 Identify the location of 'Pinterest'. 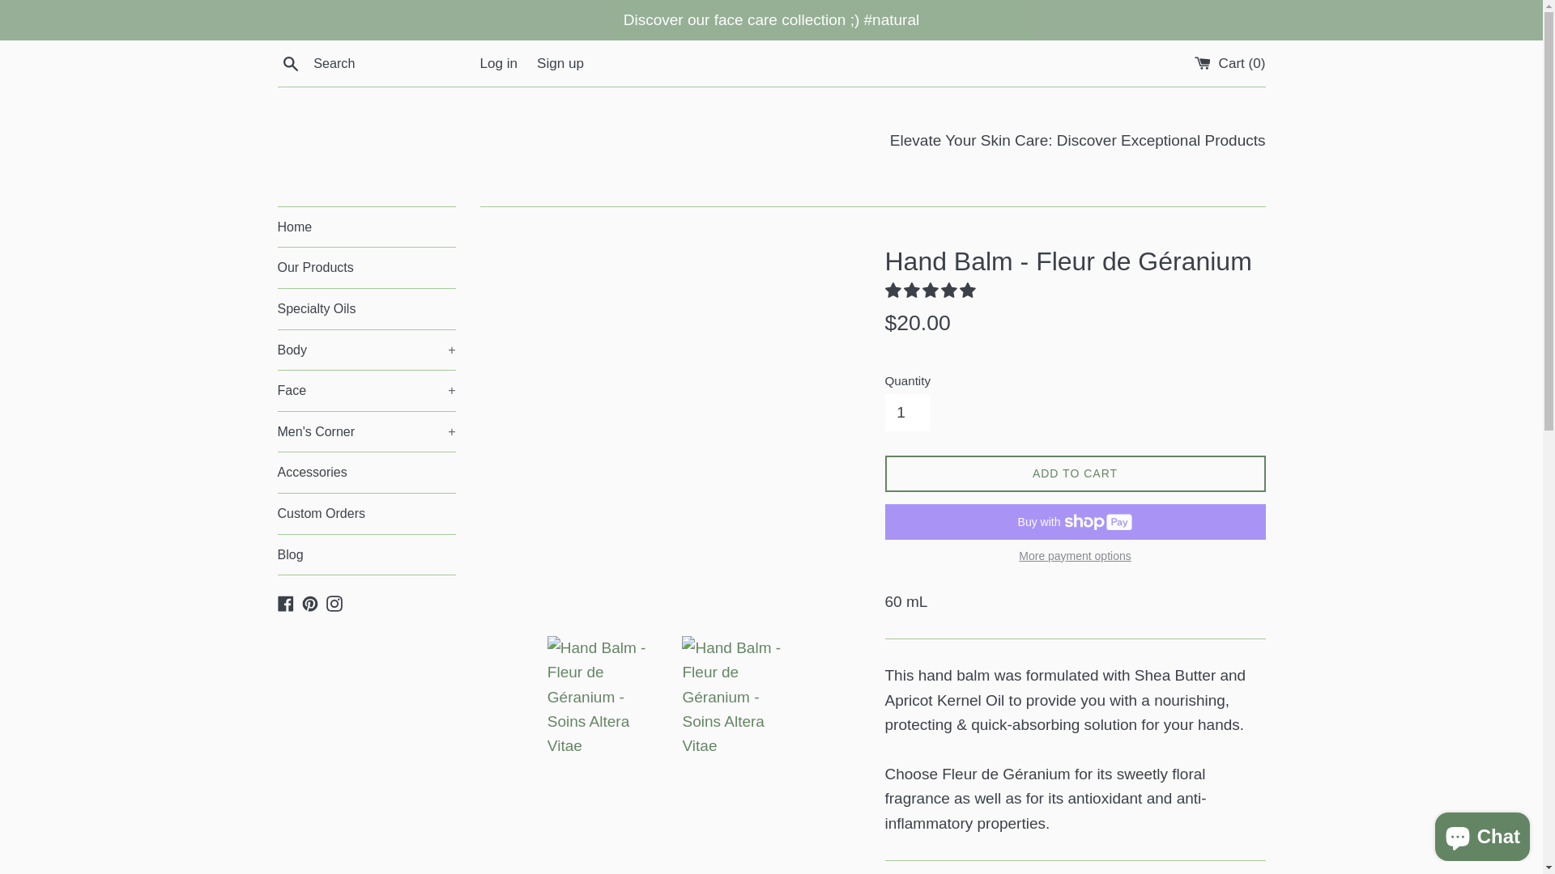
(310, 602).